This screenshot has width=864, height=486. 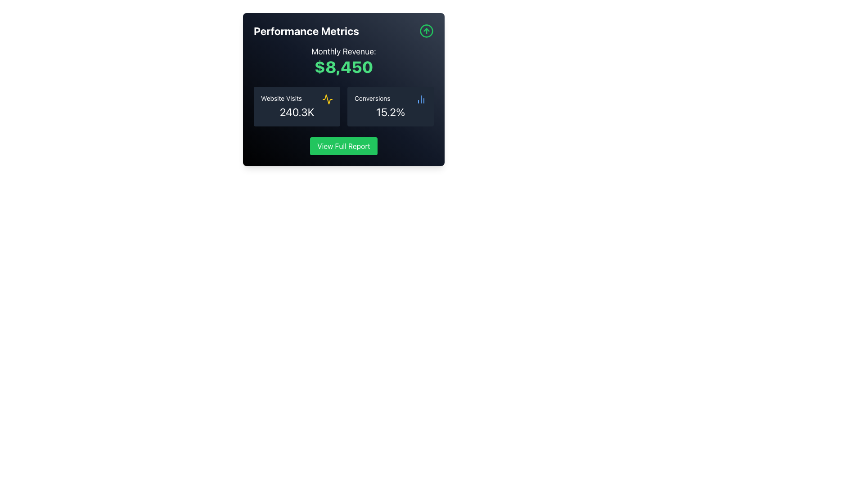 I want to click on the text label reading 'Website Visits', which is styled in light text on a dark background and located at the top-left corner of a section within a card, so click(x=281, y=99).